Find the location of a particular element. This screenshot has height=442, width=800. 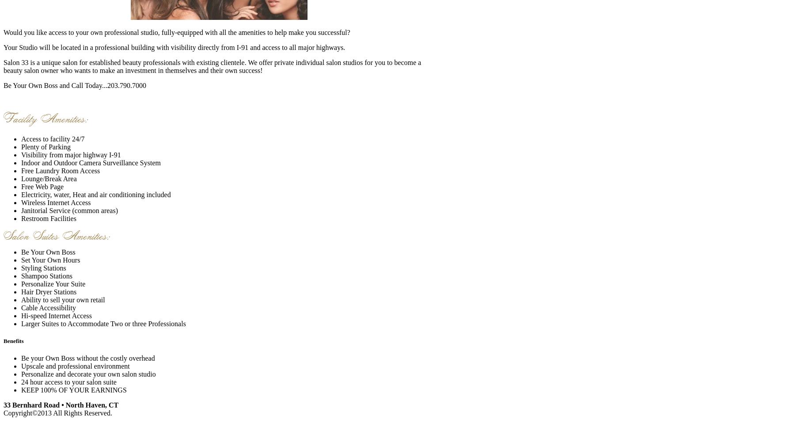

'KEEP 100% OF YOUR EARNINGS' is located at coordinates (73, 389).